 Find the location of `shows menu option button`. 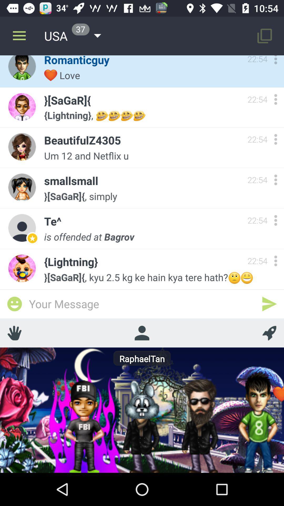

shows menu option button is located at coordinates (275, 180).